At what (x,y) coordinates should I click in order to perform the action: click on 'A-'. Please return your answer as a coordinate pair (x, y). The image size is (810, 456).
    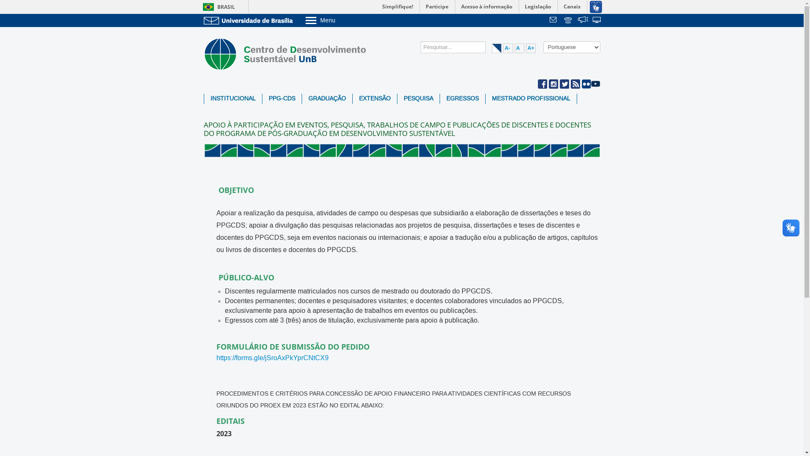
    Looking at the image, I should click on (507, 48).